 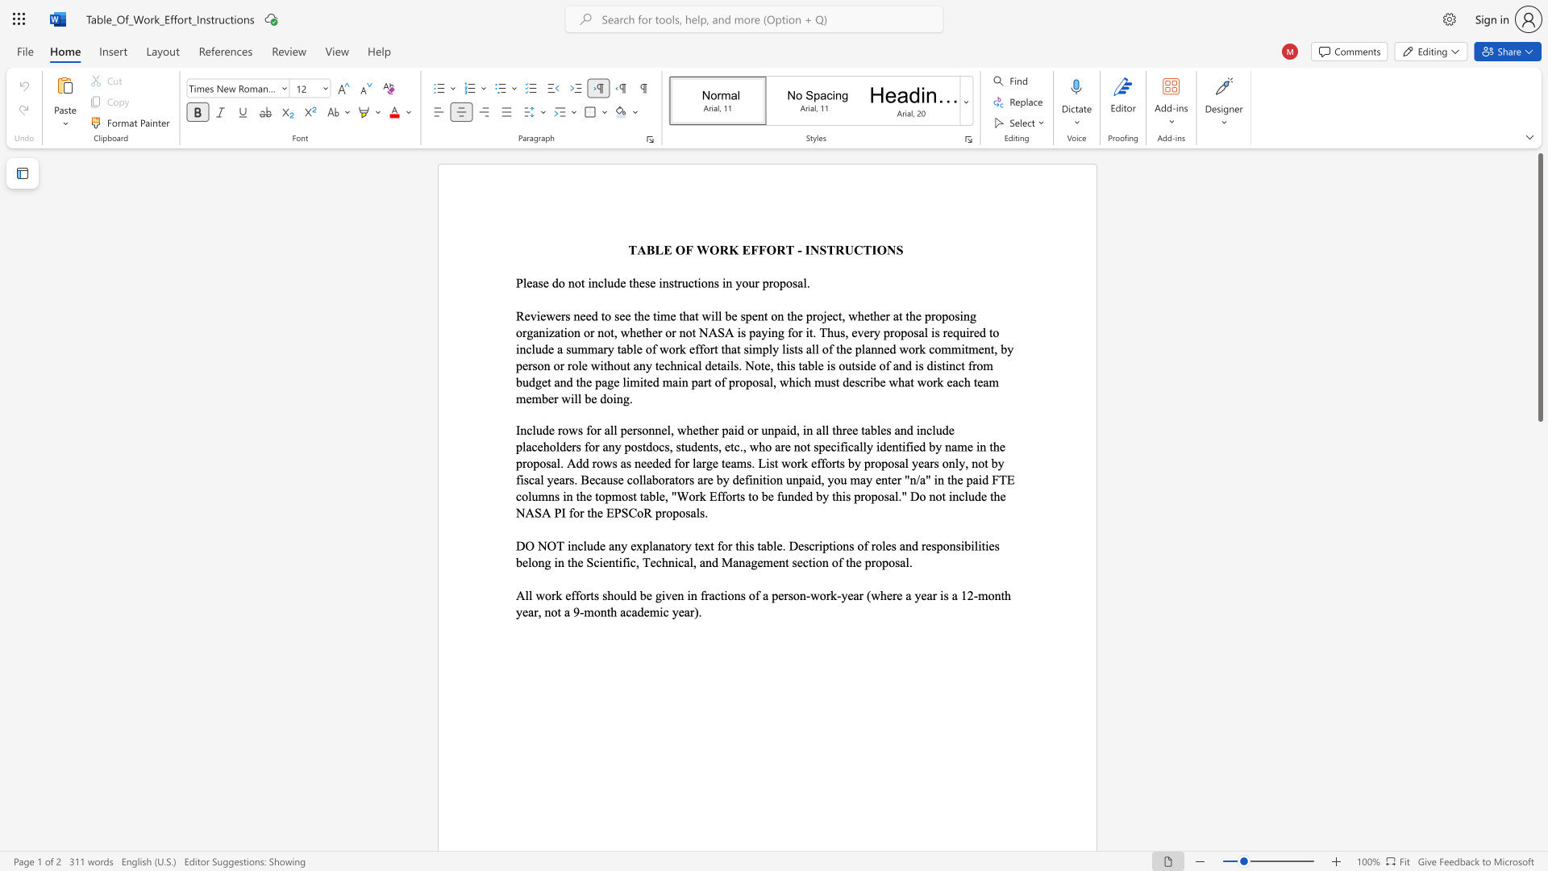 What do you see at coordinates (1539, 661) in the screenshot?
I see `the scrollbar to move the view down` at bounding box center [1539, 661].